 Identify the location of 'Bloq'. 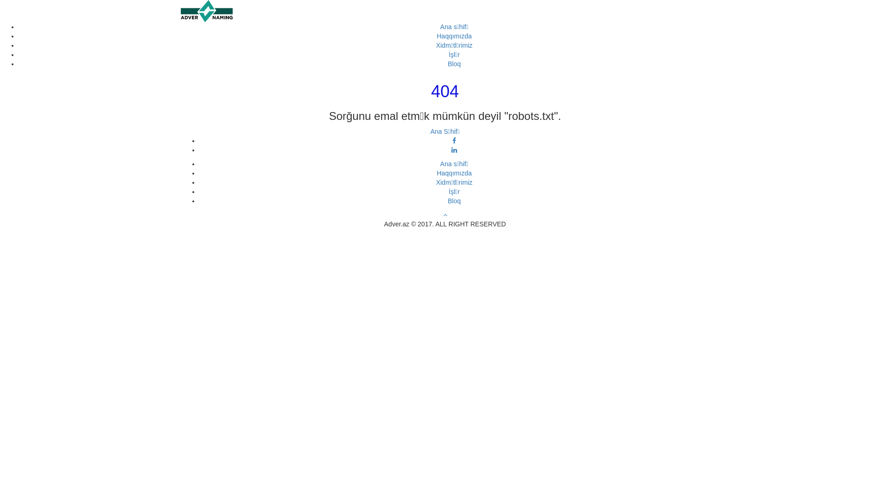
(454, 200).